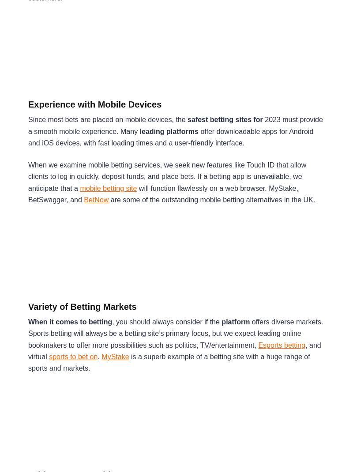 The width and height of the screenshot is (353, 472). Describe the element at coordinates (168, 361) in the screenshot. I see `'is a superb example of a betting site with a huge range of sports and markets.'` at that location.